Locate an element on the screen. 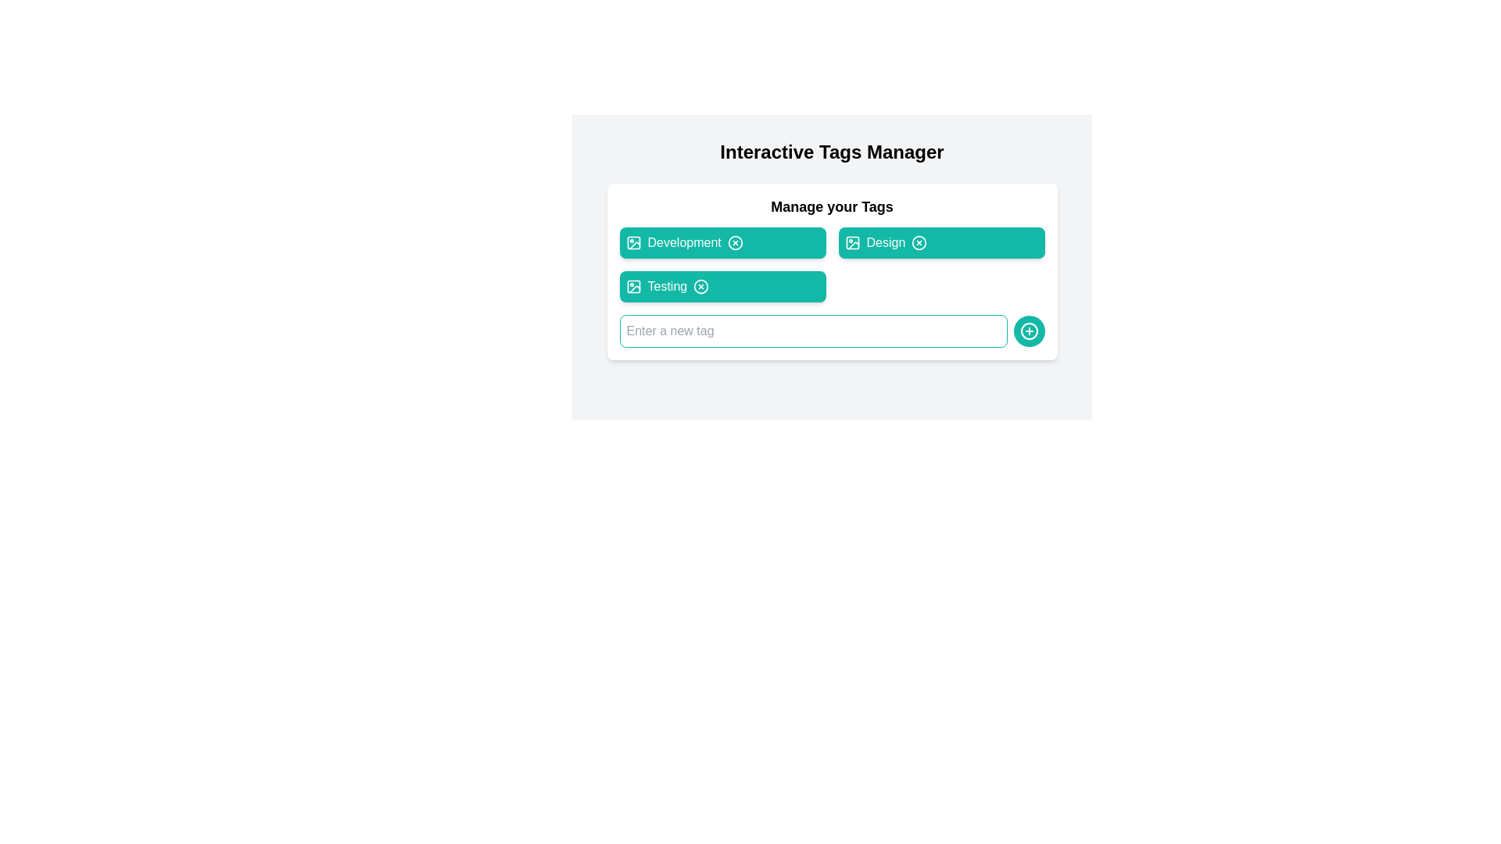  the circular icon button with an 'X' mark inside the teal-colored 'Design' button is located at coordinates (919, 243).